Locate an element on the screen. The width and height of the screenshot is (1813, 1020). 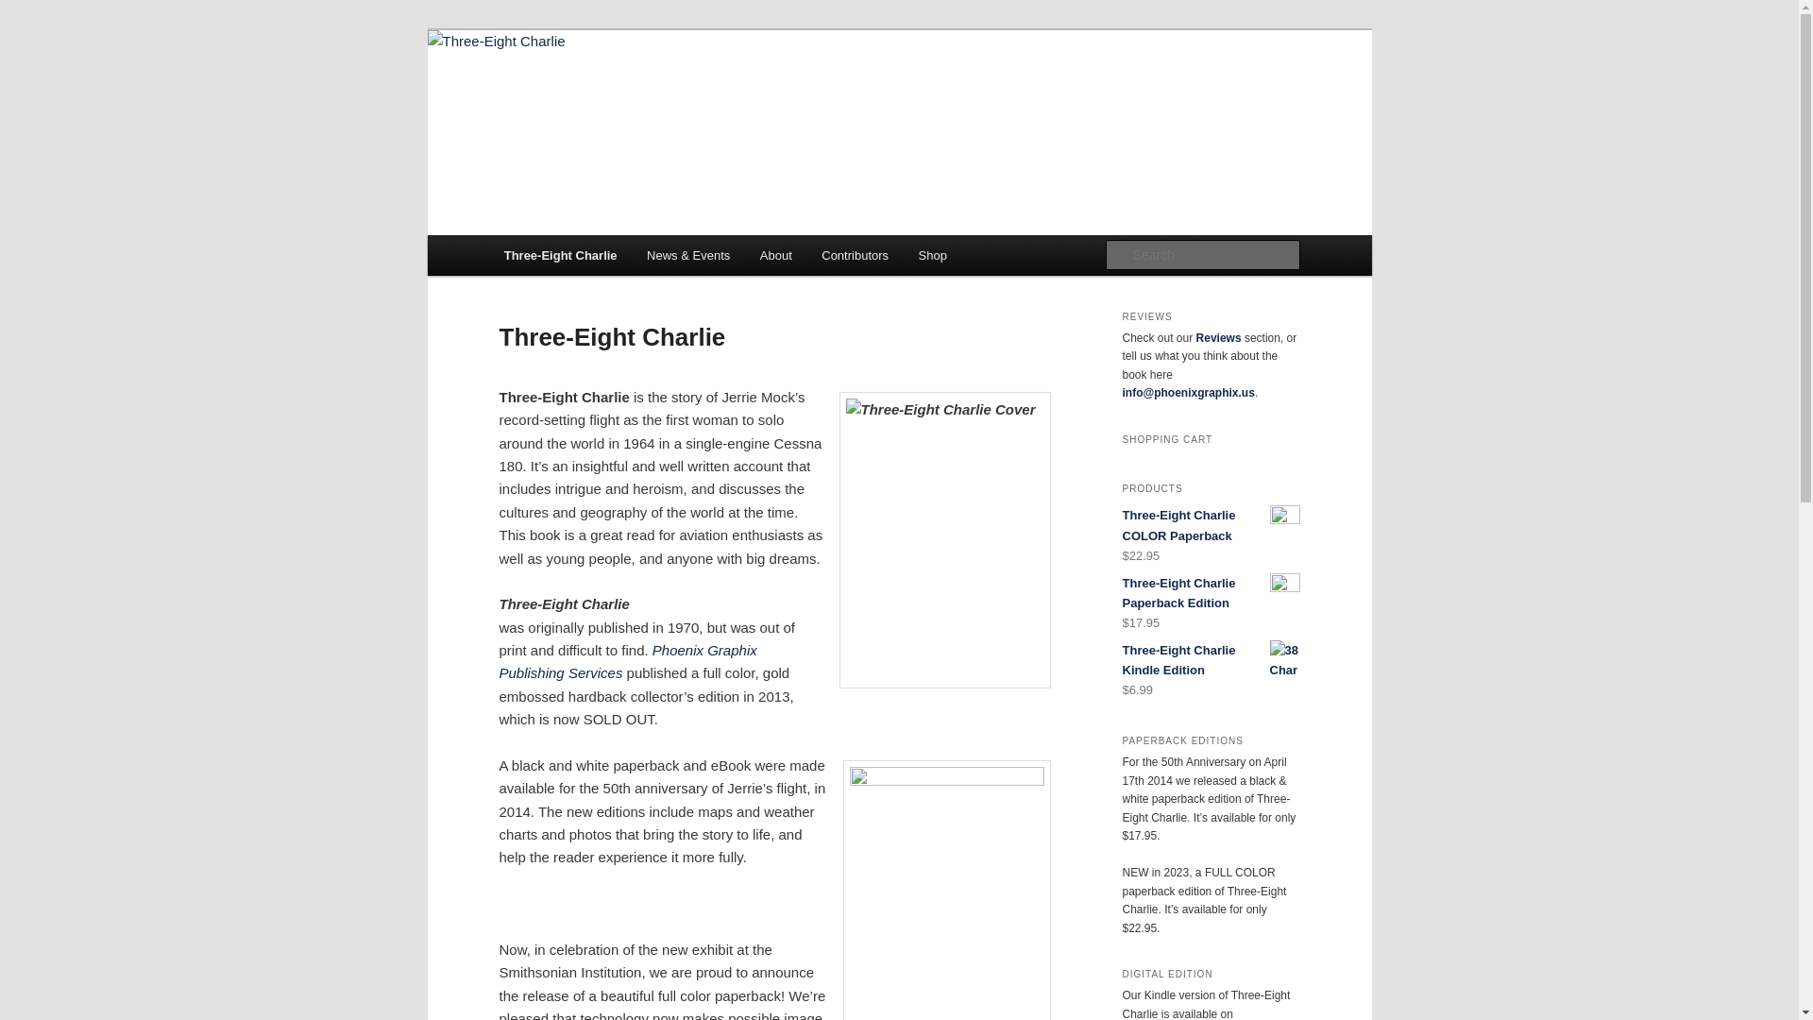
'Shop' is located at coordinates (933, 255).